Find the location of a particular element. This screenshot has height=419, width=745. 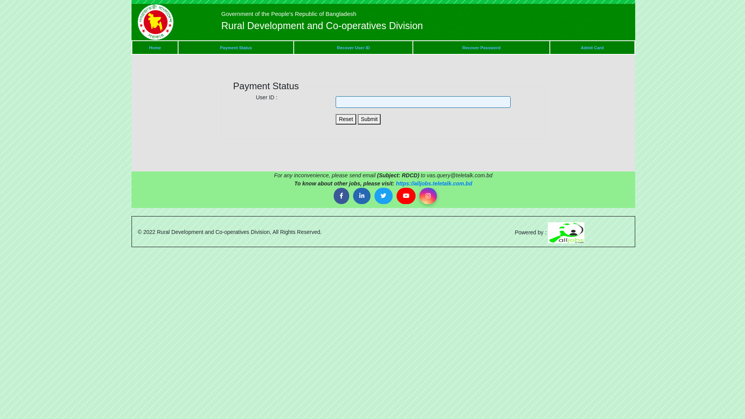

'Linkedin' is located at coordinates (361, 196).